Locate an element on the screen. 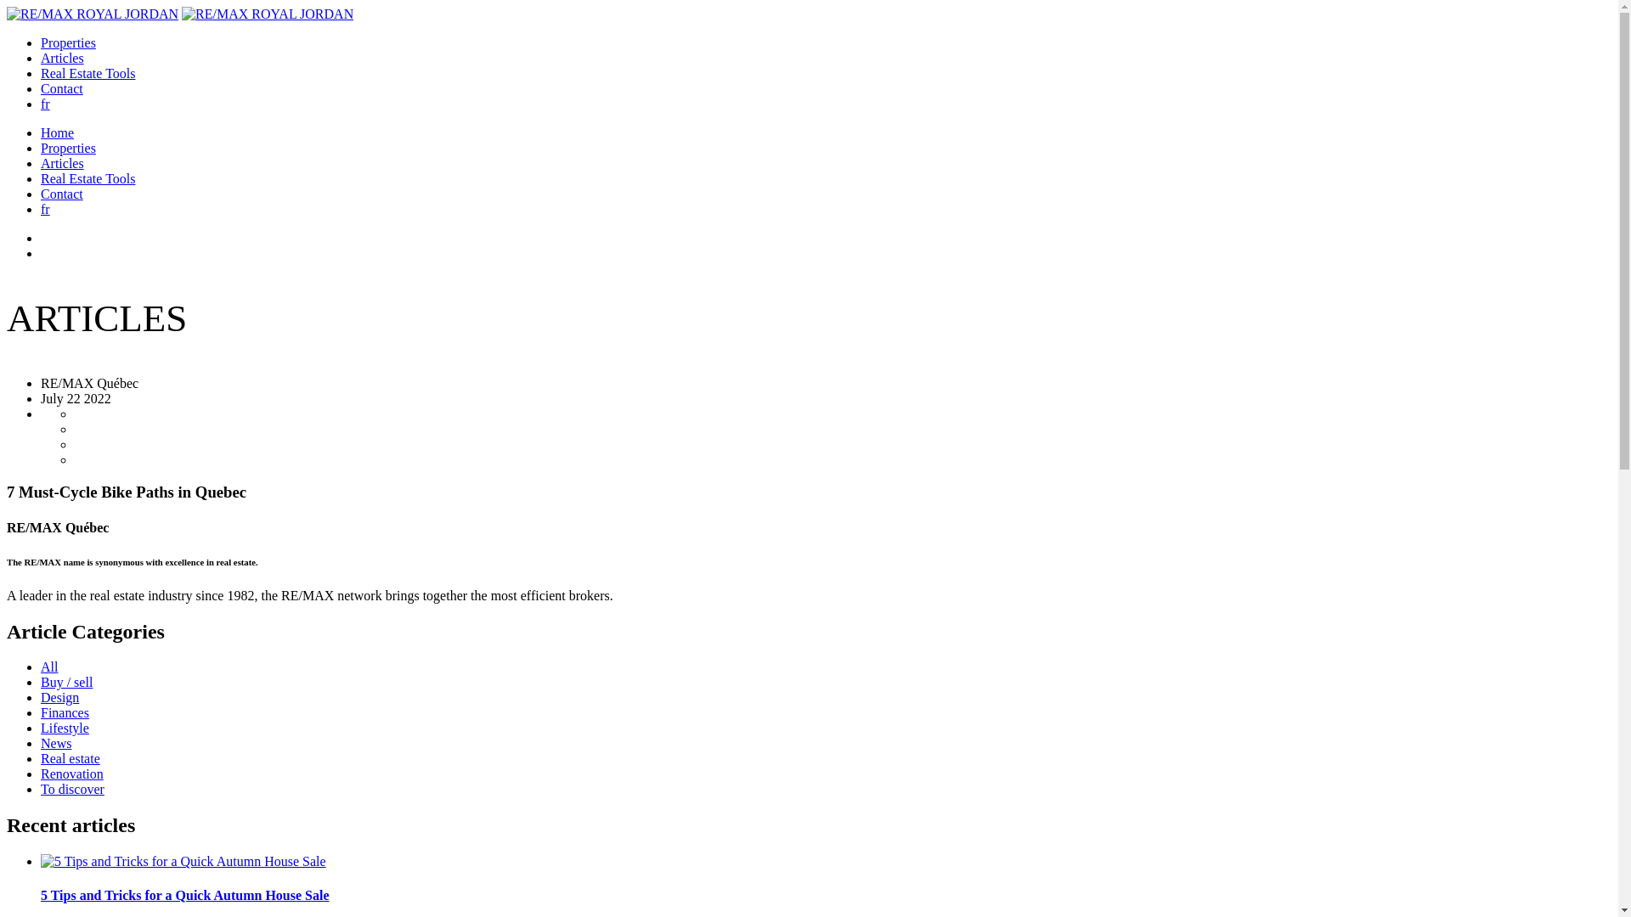 The height and width of the screenshot is (917, 1631). 'fr' is located at coordinates (41, 208).